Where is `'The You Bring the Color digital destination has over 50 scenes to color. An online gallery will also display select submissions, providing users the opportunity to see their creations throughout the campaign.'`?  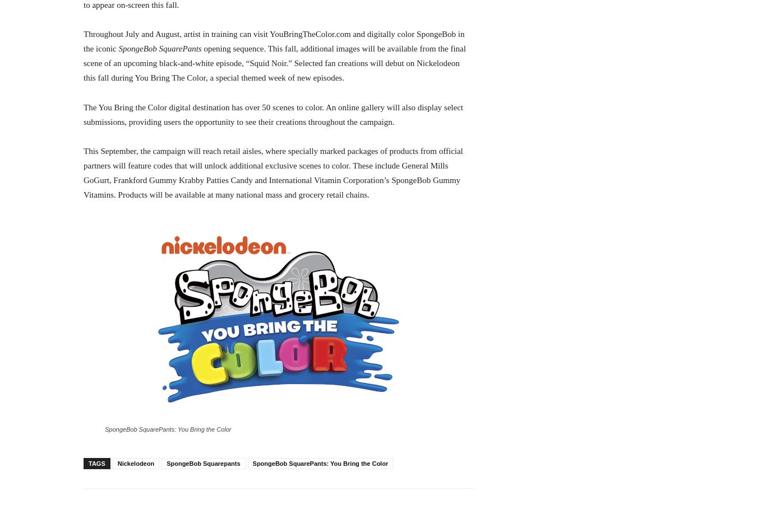 'The You Bring the Color digital destination has over 50 scenes to color. An online gallery will also display select submissions, providing users the opportunity to see their creations throughout the campaign.' is located at coordinates (273, 114).